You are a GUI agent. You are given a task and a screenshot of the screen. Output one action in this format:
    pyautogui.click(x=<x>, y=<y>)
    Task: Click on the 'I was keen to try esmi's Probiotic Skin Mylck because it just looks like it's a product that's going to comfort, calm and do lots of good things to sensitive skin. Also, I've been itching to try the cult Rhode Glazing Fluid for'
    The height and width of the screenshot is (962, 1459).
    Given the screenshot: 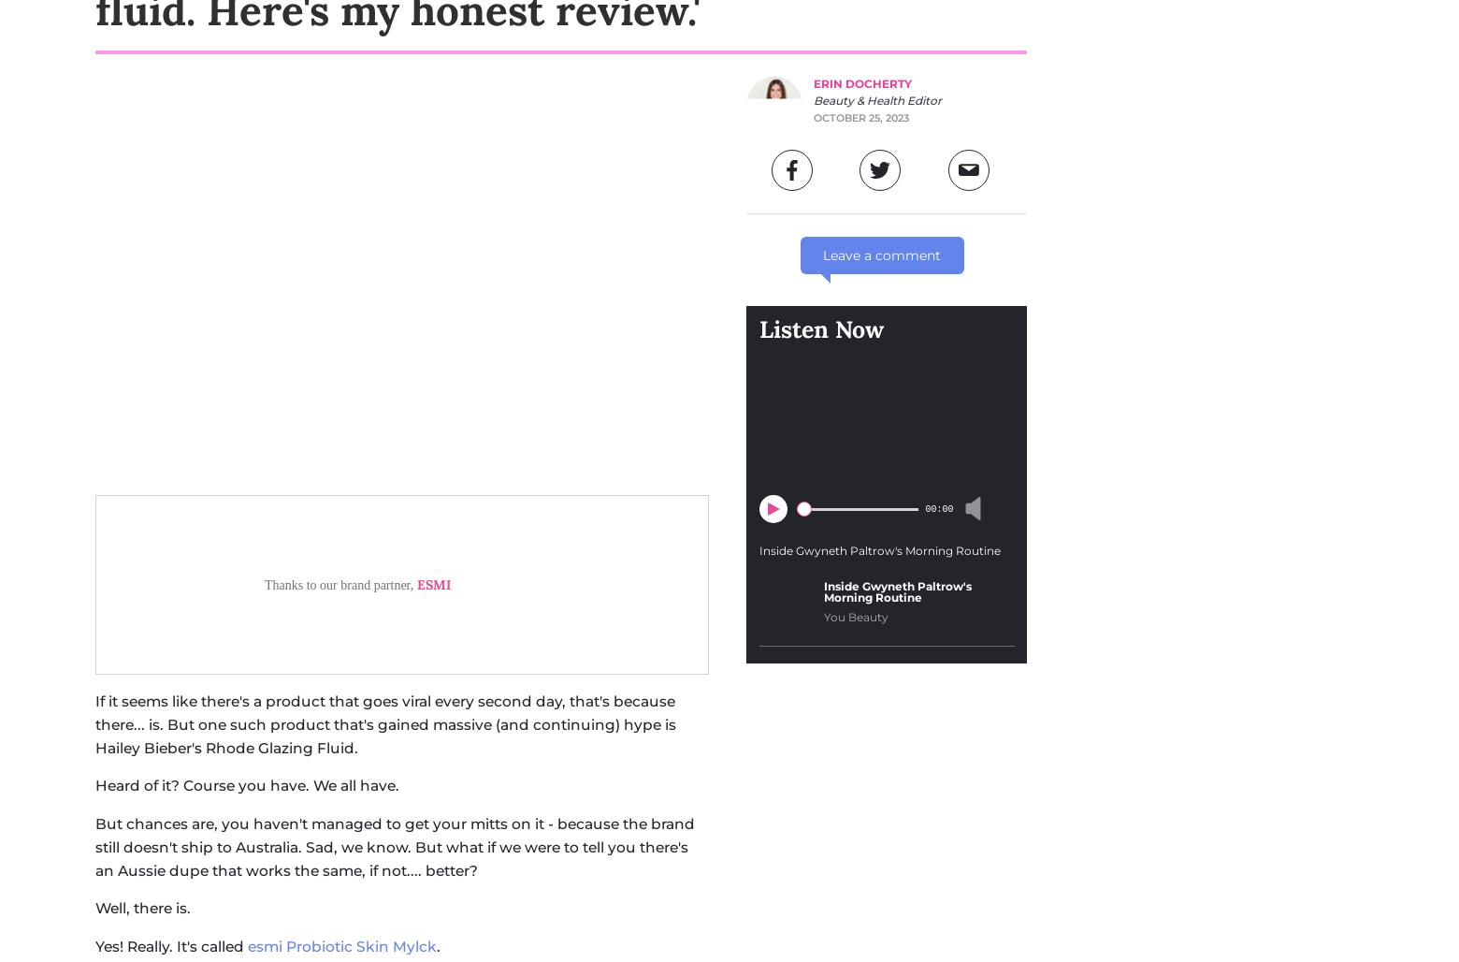 What is the action you would take?
    pyautogui.click(x=397, y=350)
    